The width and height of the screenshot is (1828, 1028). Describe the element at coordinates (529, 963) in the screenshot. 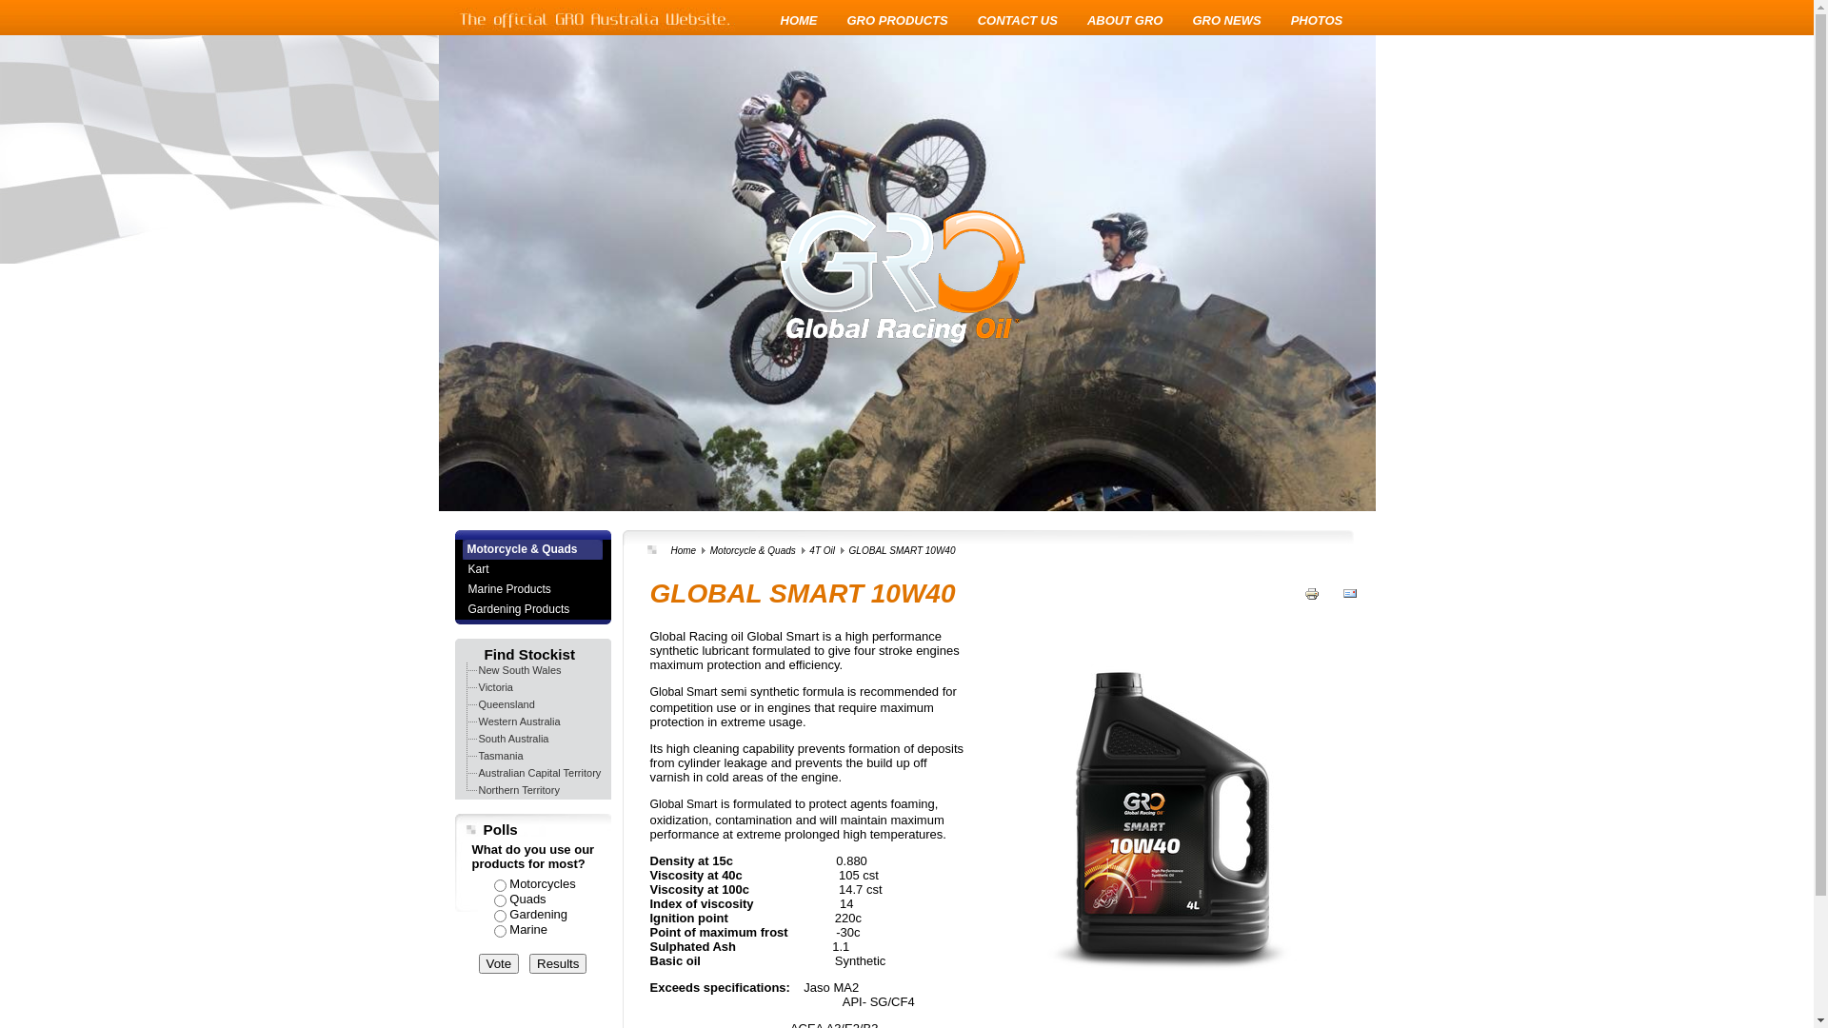

I see `'Results'` at that location.